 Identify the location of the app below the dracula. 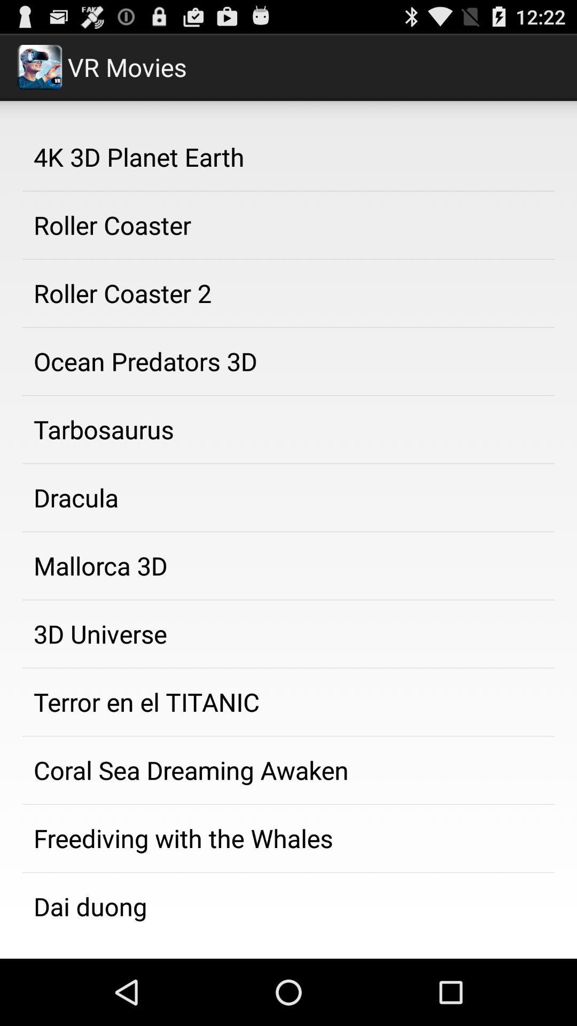
(288, 565).